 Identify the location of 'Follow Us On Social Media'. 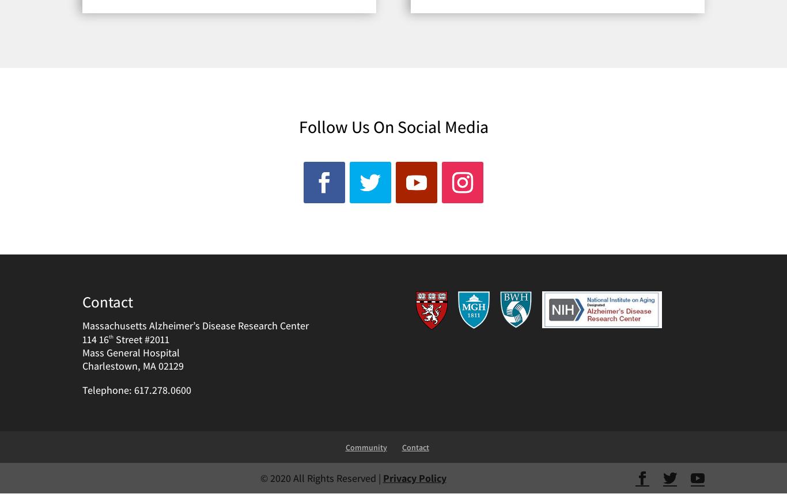
(298, 125).